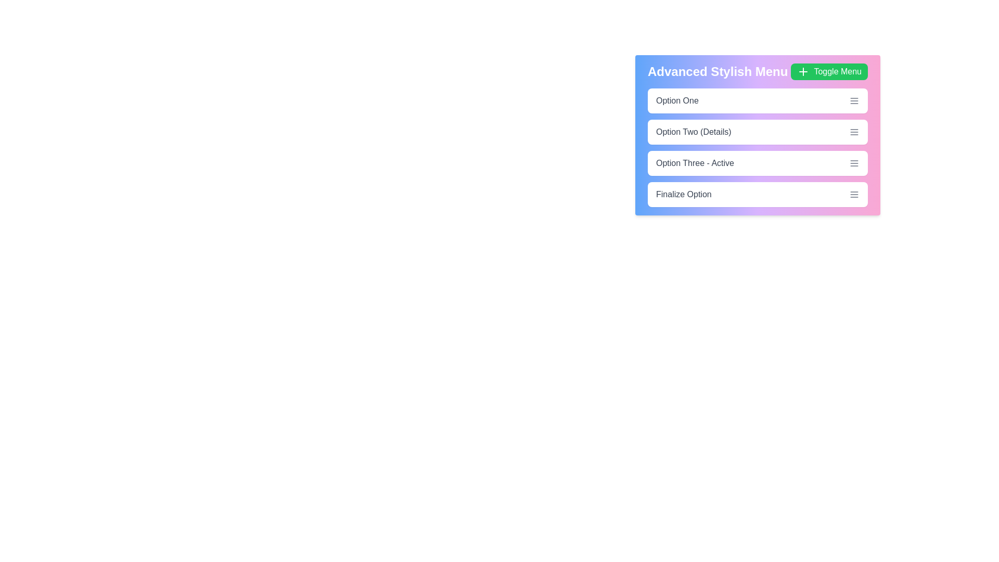 The height and width of the screenshot is (562, 999). What do you see at coordinates (854, 195) in the screenshot?
I see `the menu icon next to Finalize Option` at bounding box center [854, 195].